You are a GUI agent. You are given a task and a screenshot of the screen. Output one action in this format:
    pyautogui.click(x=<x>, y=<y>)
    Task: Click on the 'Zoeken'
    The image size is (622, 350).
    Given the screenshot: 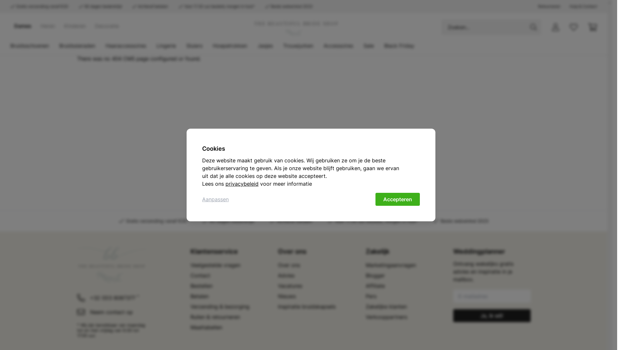 What is the action you would take?
    pyautogui.click(x=533, y=27)
    